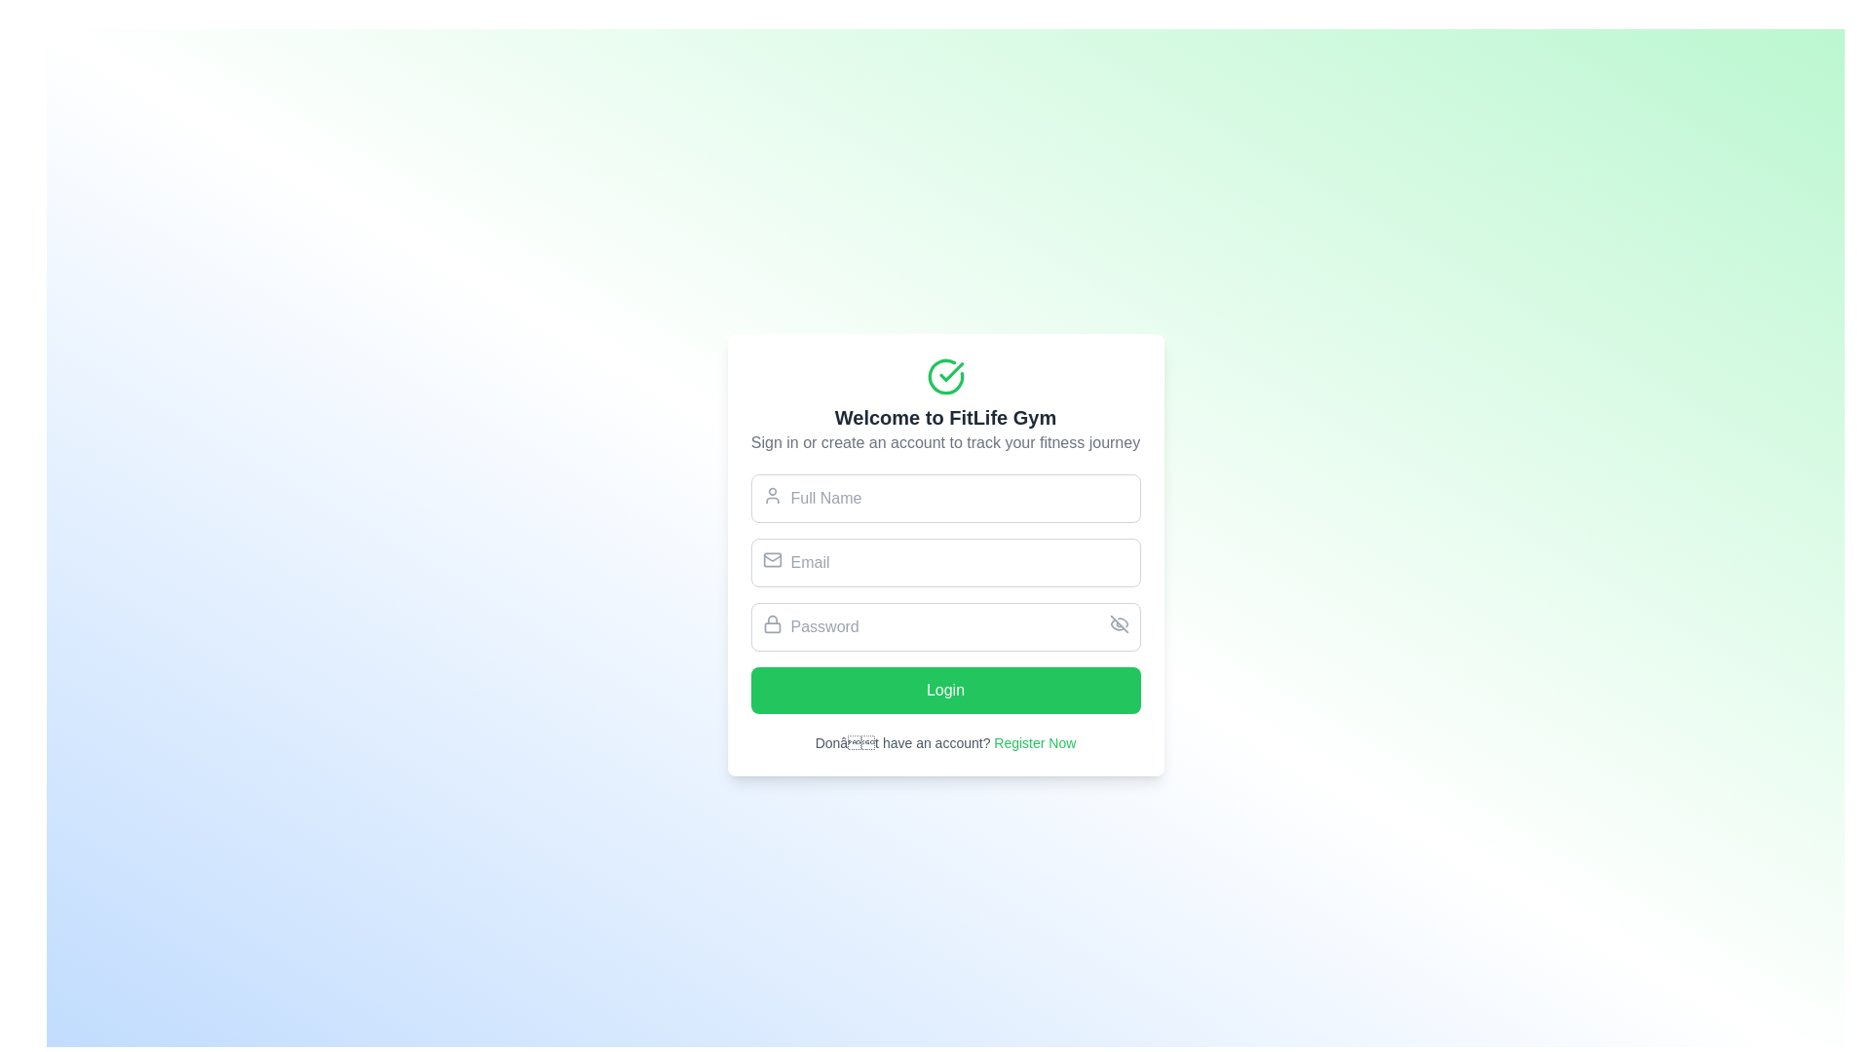 The height and width of the screenshot is (1052, 1871). Describe the element at coordinates (771, 495) in the screenshot. I see `the user silhouette icon located on the left side of the 'Full Name' input field, which features a rounded head and shoulders in gray color` at that location.